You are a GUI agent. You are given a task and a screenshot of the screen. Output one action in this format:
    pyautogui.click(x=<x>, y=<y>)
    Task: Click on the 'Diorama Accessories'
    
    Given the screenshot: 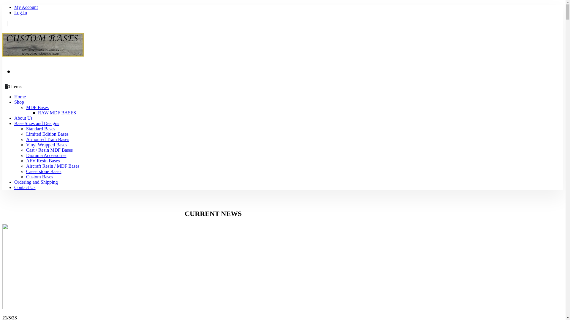 What is the action you would take?
    pyautogui.click(x=26, y=155)
    